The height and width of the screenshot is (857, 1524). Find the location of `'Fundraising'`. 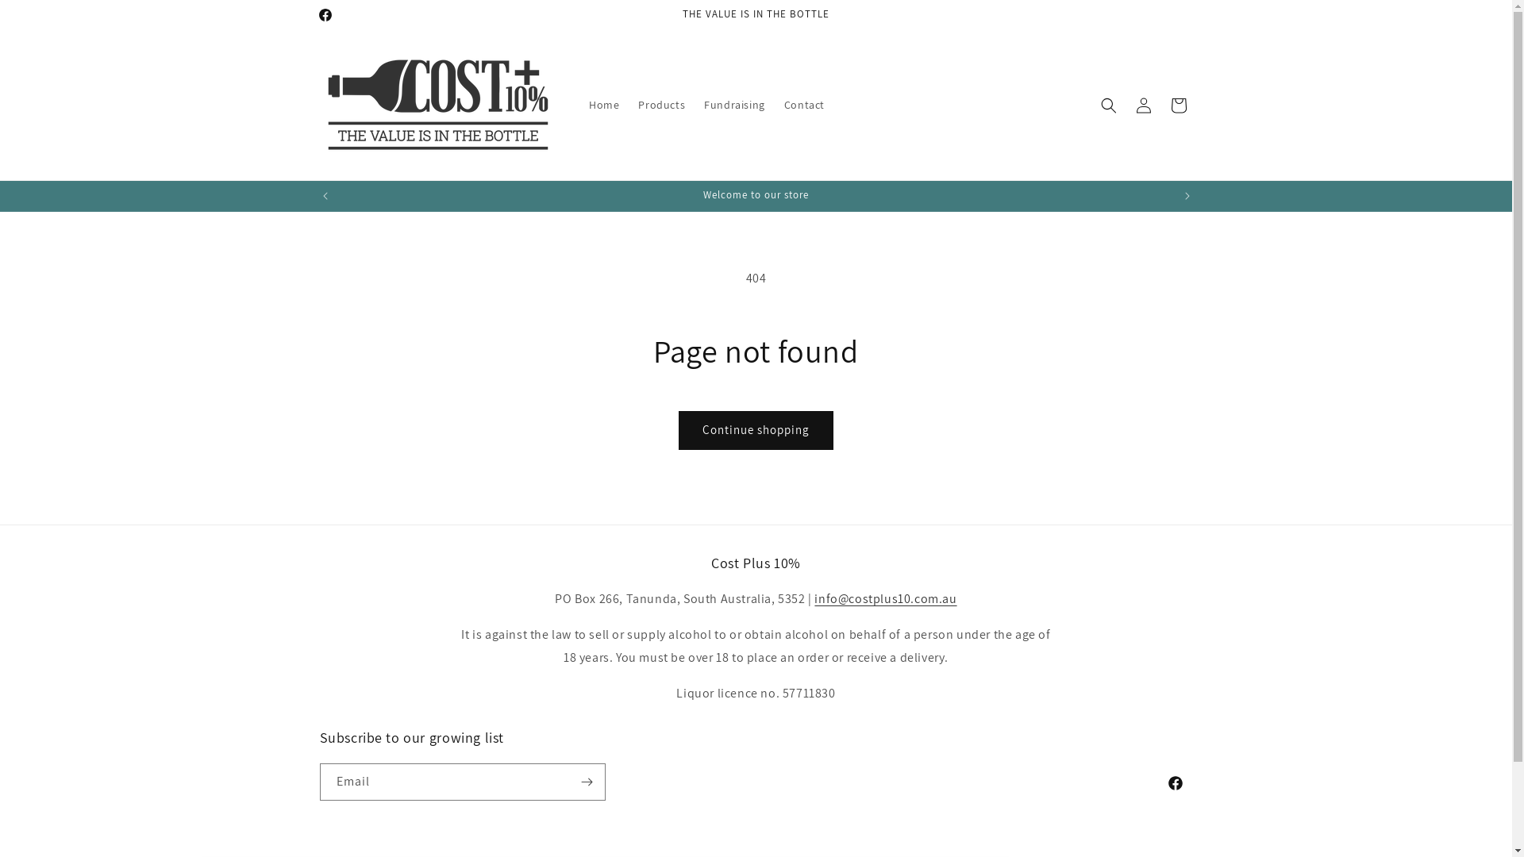

'Fundraising' is located at coordinates (733, 104).